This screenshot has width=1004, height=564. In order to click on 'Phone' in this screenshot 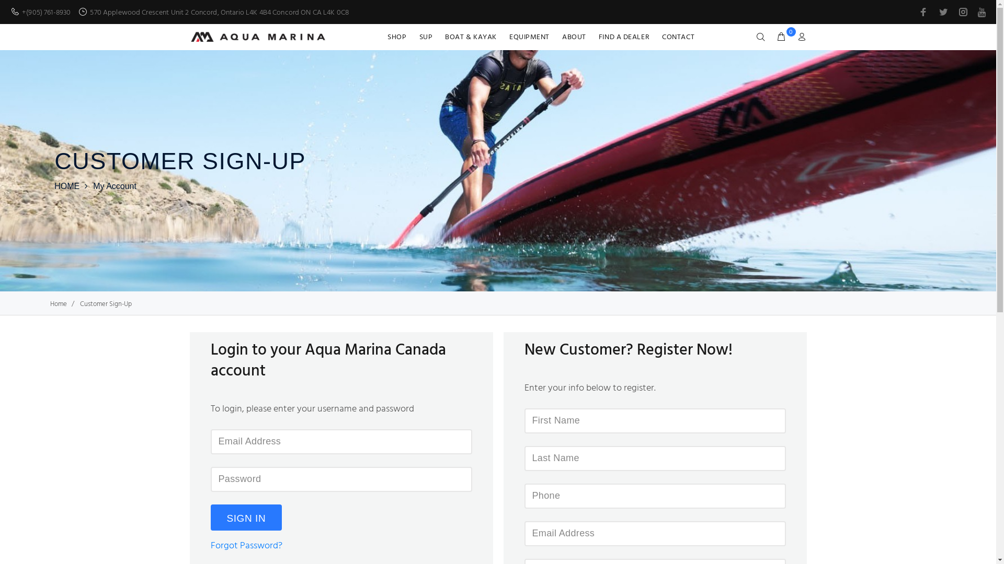, I will do `click(654, 495)`.